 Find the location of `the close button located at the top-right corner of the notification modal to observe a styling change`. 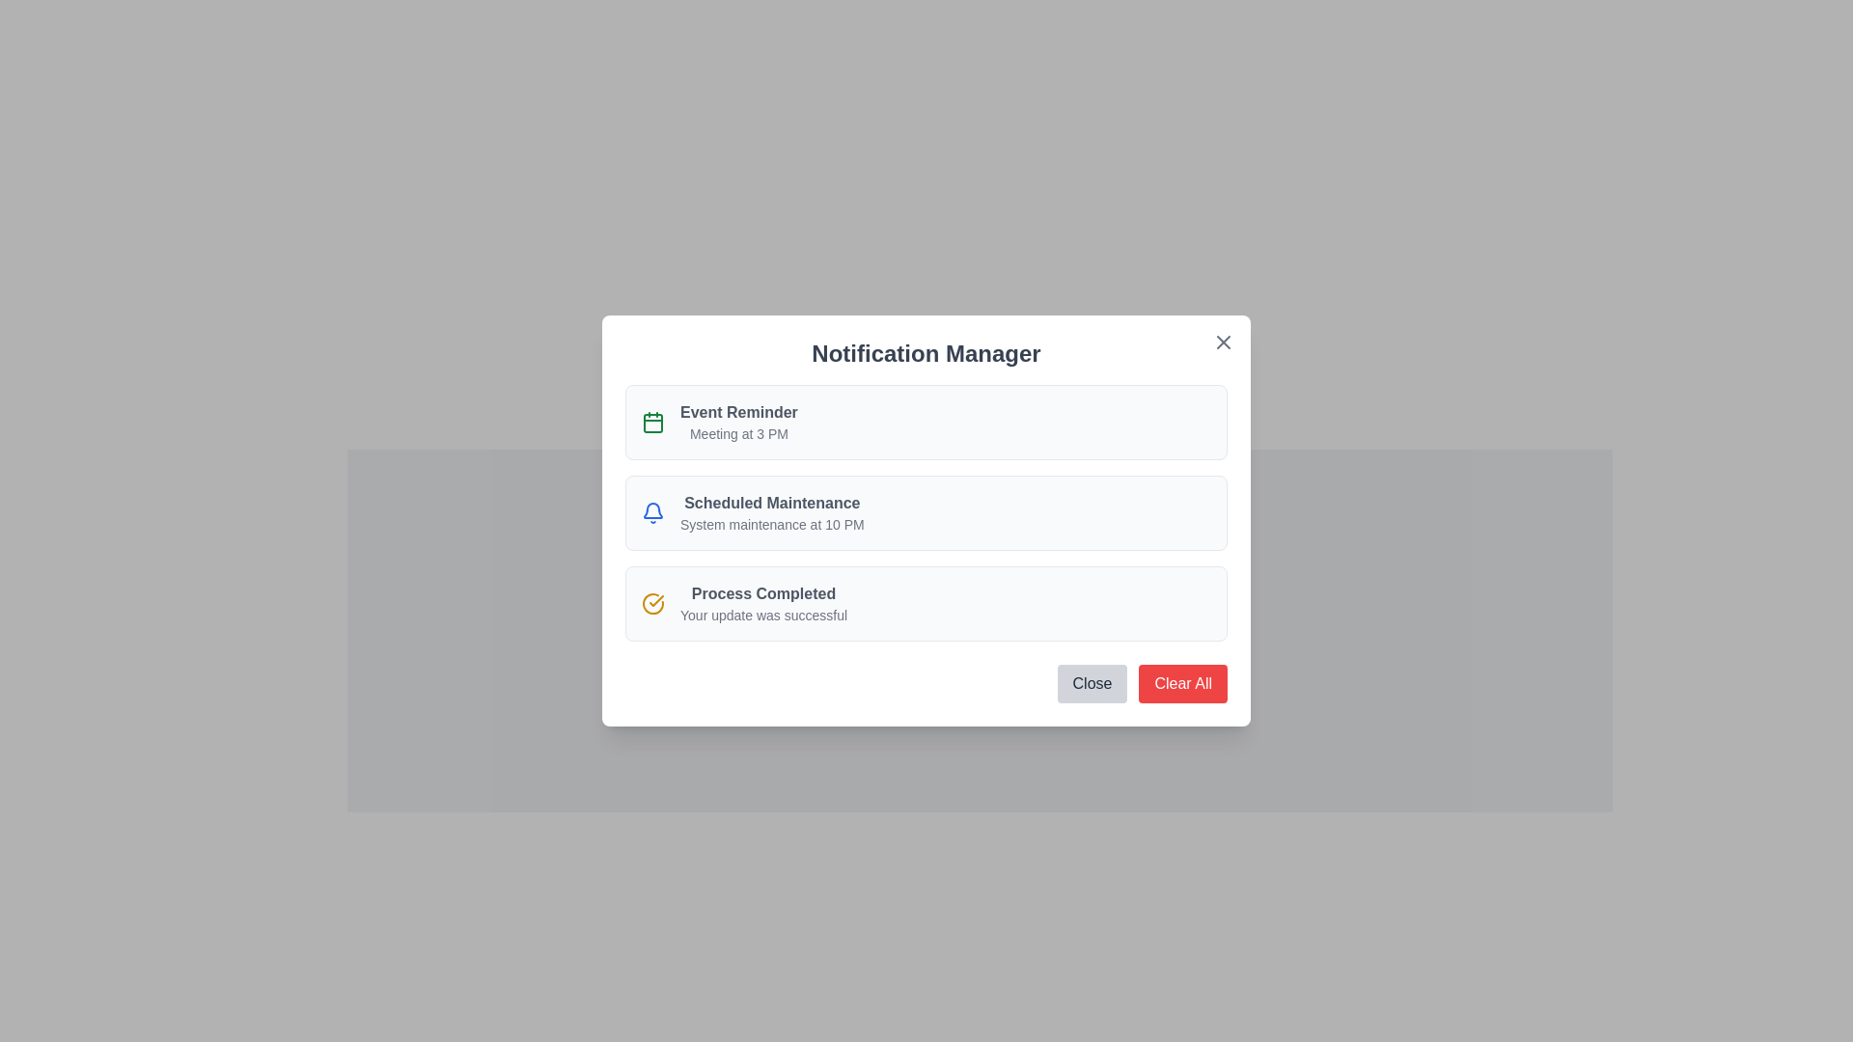

the close button located at the top-right corner of the notification modal to observe a styling change is located at coordinates (1222, 341).